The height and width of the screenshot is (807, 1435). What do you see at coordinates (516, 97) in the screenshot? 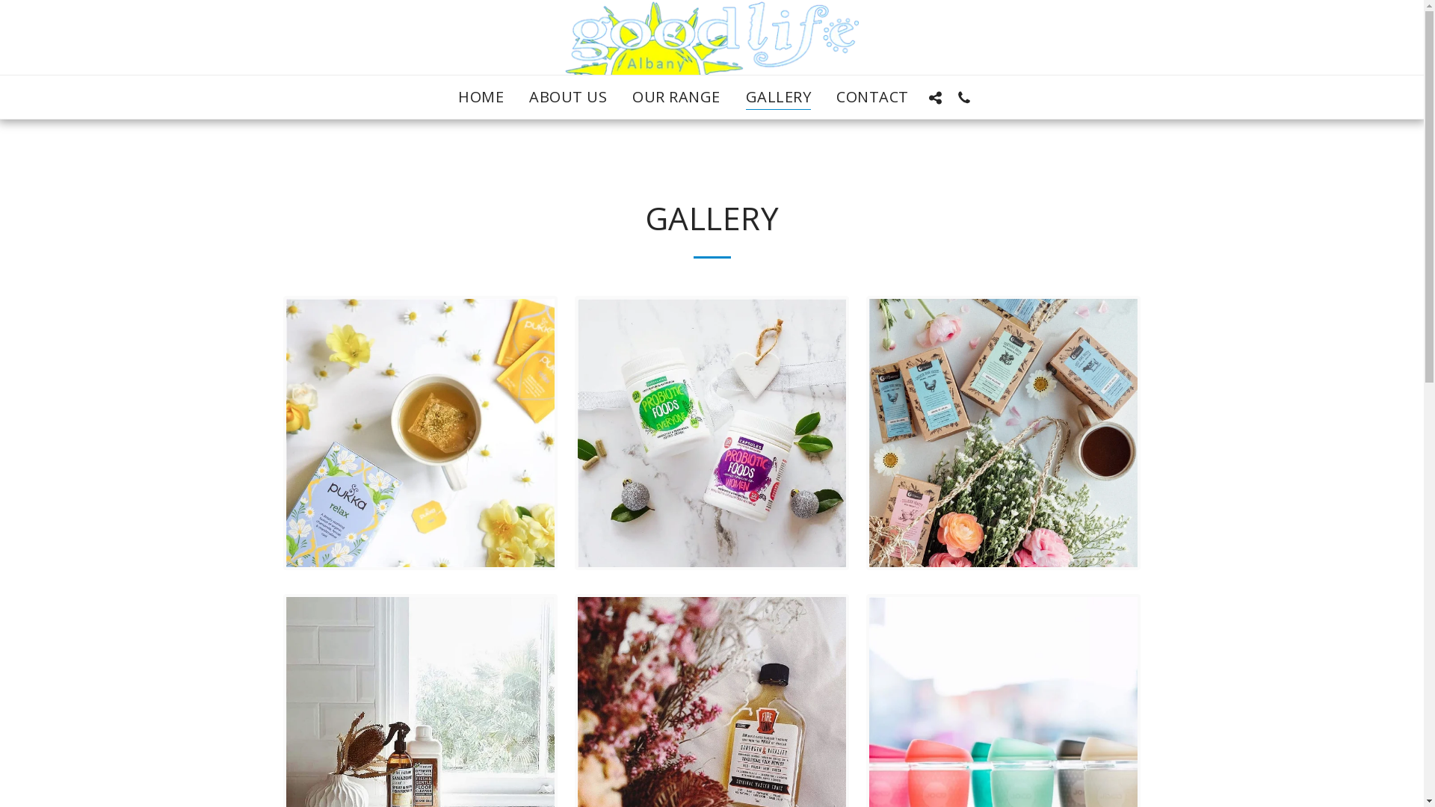
I see `'ABOUT US'` at bounding box center [516, 97].